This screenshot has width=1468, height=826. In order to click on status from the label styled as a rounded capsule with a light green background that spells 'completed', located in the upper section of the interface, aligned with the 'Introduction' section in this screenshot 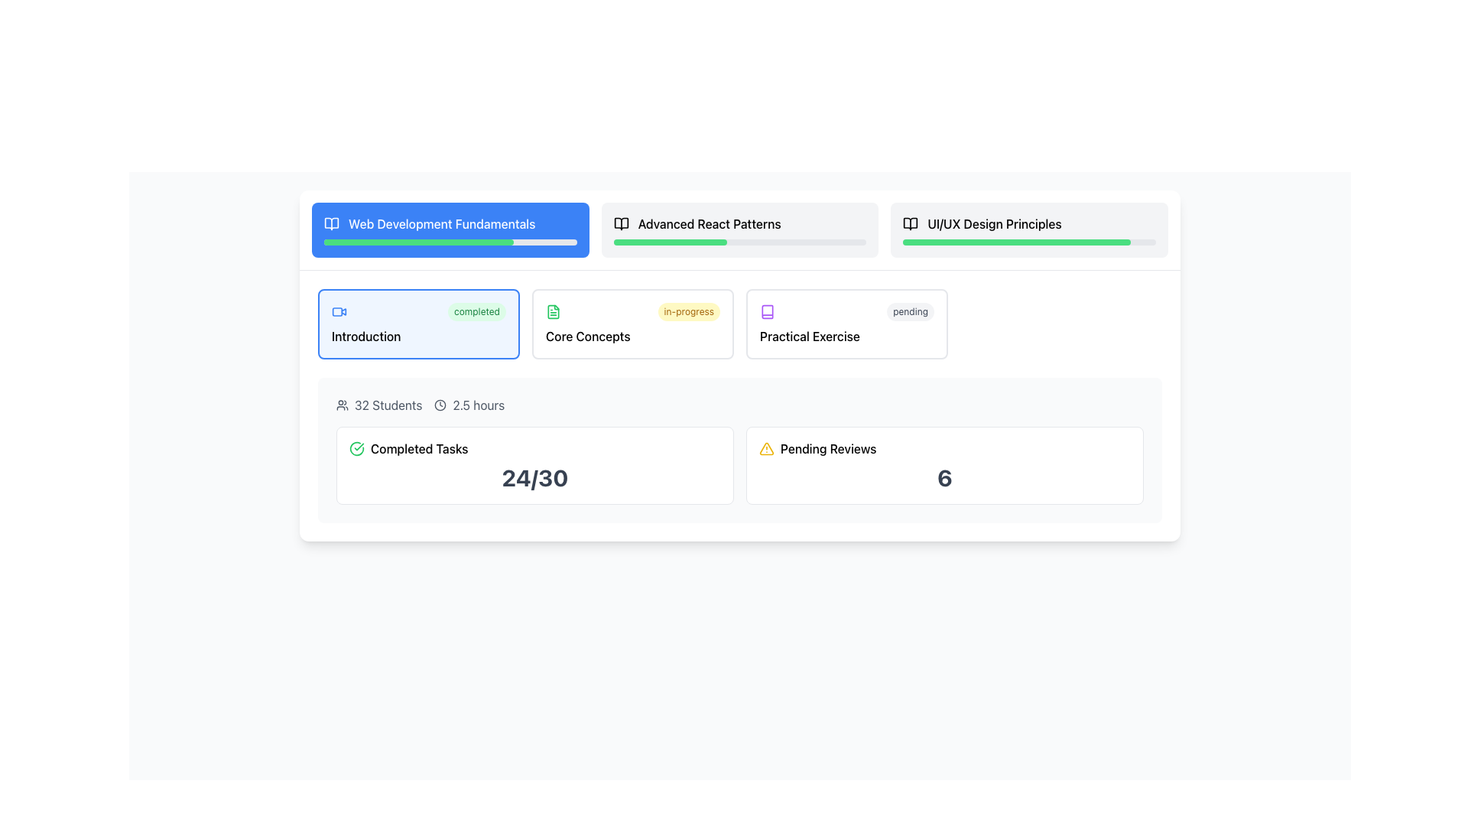, I will do `click(476, 311)`.